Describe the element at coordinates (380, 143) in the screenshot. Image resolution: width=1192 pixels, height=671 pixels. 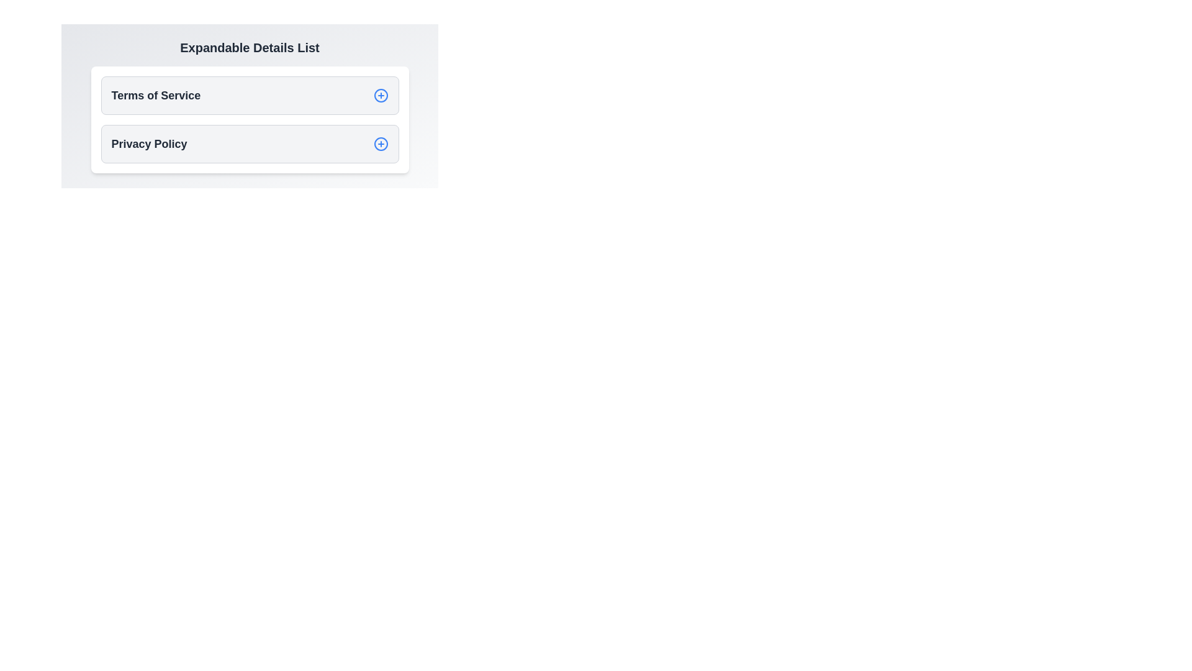
I see `the button` at that location.